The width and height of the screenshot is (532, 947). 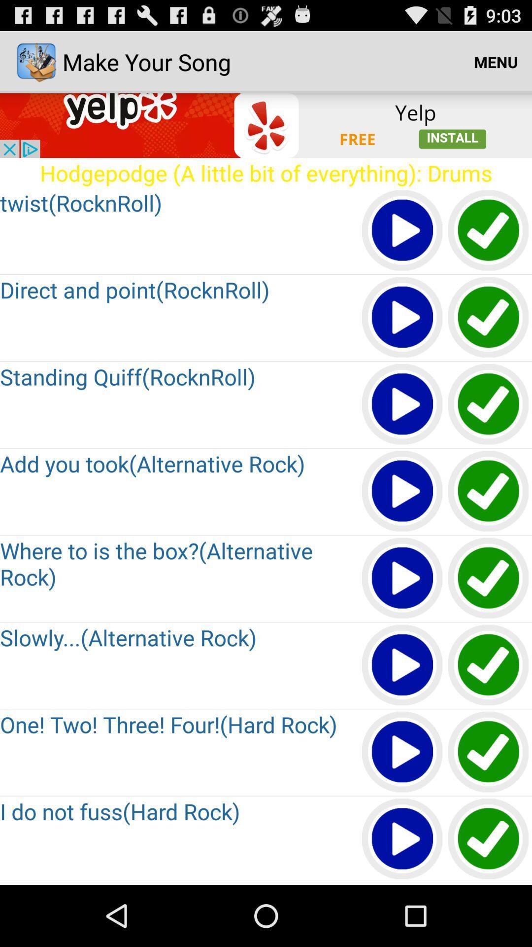 I want to click on enable button, so click(x=489, y=404).